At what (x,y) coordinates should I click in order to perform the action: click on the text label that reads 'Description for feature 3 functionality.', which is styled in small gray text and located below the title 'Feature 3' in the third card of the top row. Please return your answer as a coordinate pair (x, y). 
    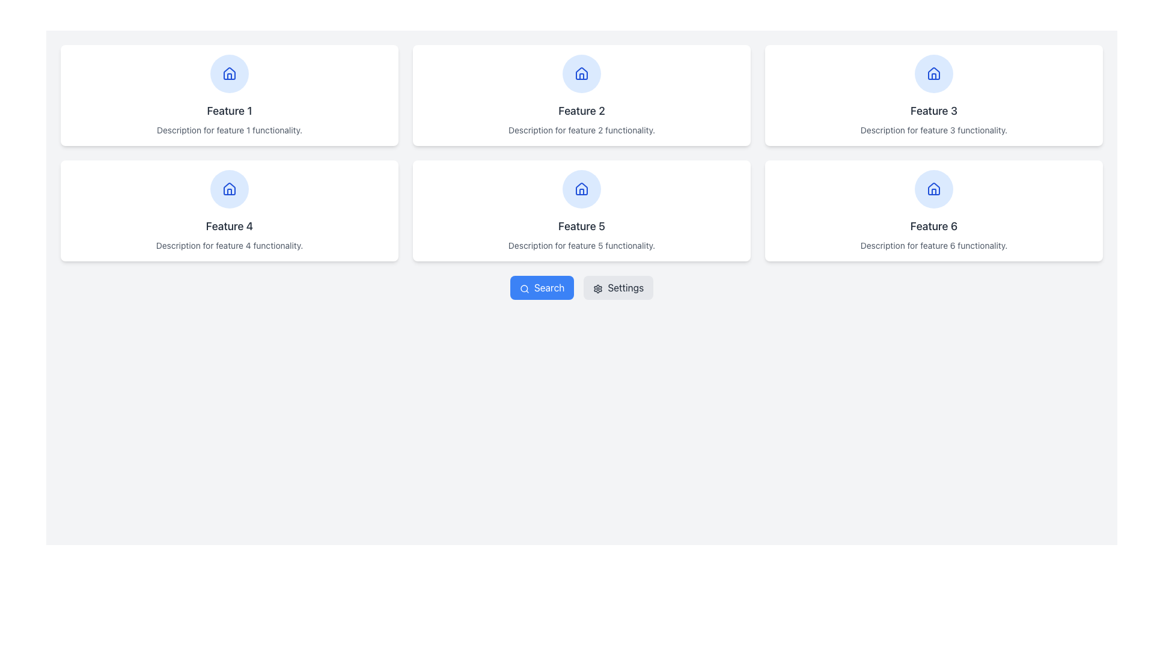
    Looking at the image, I should click on (933, 130).